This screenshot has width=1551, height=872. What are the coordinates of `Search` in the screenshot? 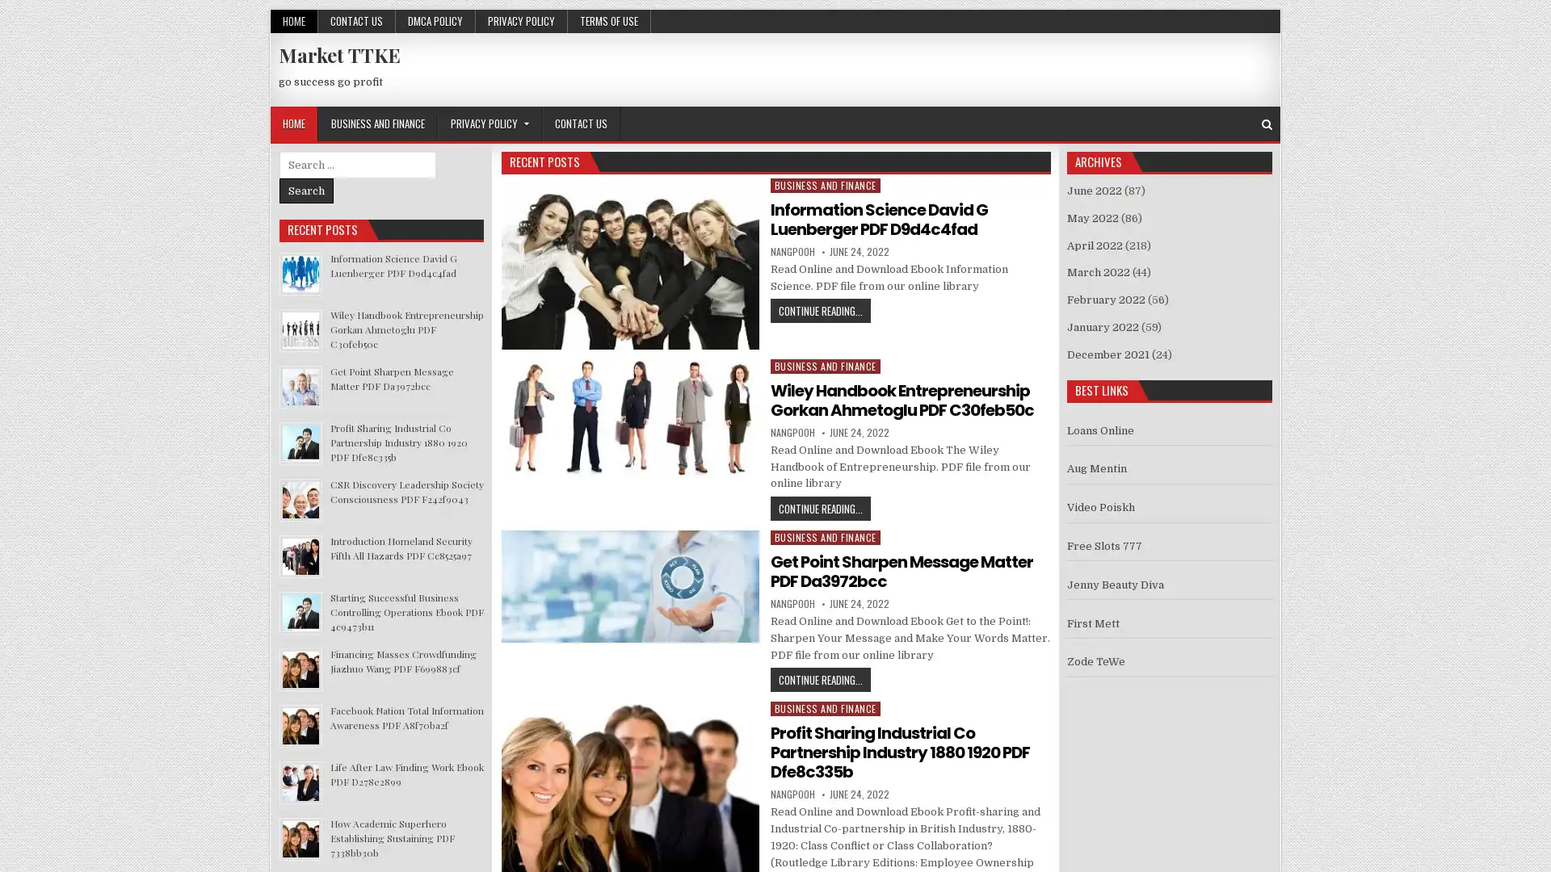 It's located at (305, 190).